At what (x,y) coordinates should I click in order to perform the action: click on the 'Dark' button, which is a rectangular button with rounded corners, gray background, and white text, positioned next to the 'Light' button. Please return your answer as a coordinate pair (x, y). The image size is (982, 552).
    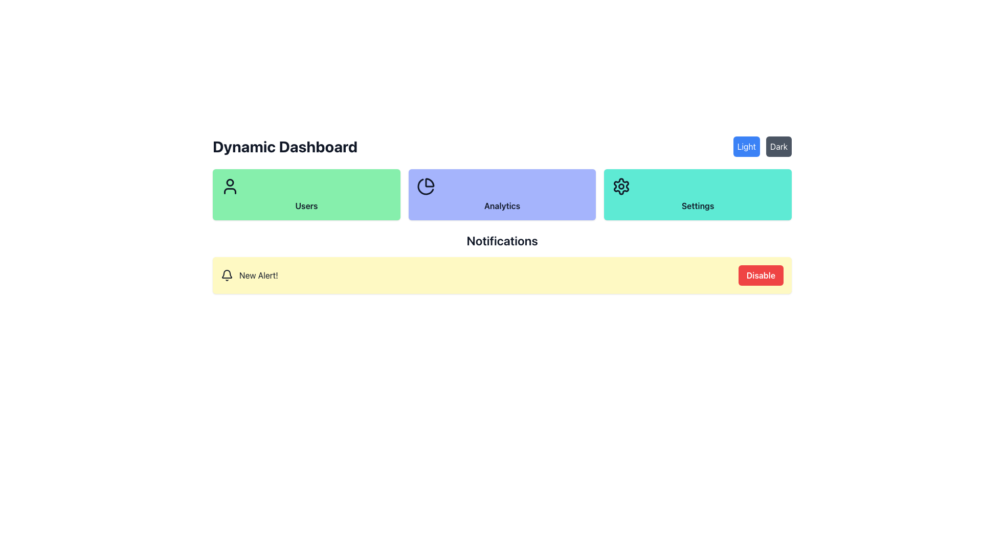
    Looking at the image, I should click on (778, 146).